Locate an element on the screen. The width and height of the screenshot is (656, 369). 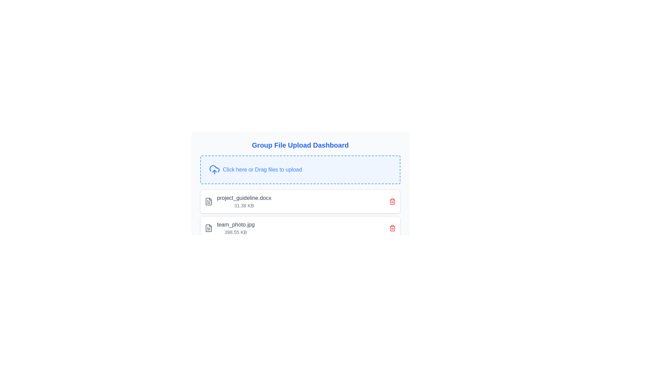
the File Upload Area, which has a dashed border and light blue background is located at coordinates (300, 169).